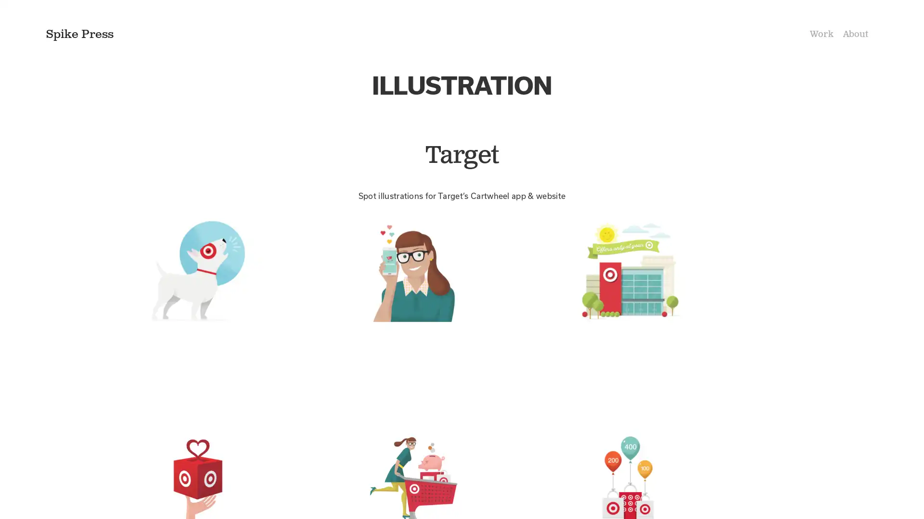 This screenshot has height=519, width=924. What do you see at coordinates (245, 317) in the screenshot?
I see `View fullsize 01.png` at bounding box center [245, 317].